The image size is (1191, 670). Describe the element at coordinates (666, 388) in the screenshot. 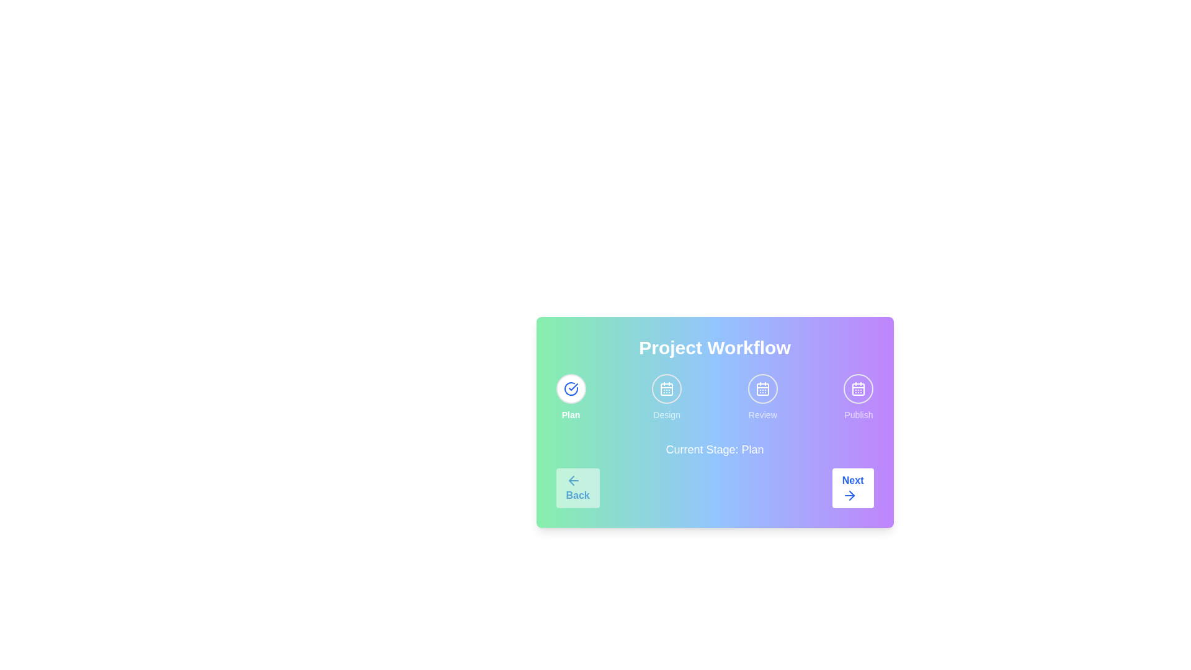

I see `the stage indicator corresponding to Design` at that location.